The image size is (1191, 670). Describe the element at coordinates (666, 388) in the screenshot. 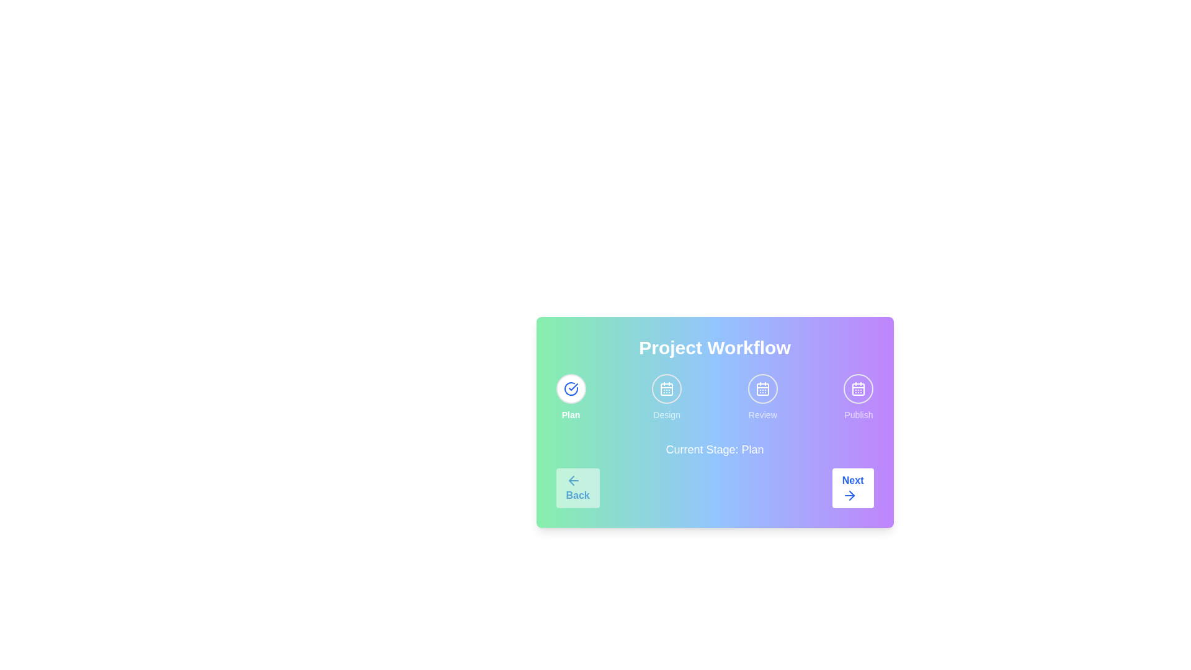

I see `the stage indicator corresponding to Design` at that location.